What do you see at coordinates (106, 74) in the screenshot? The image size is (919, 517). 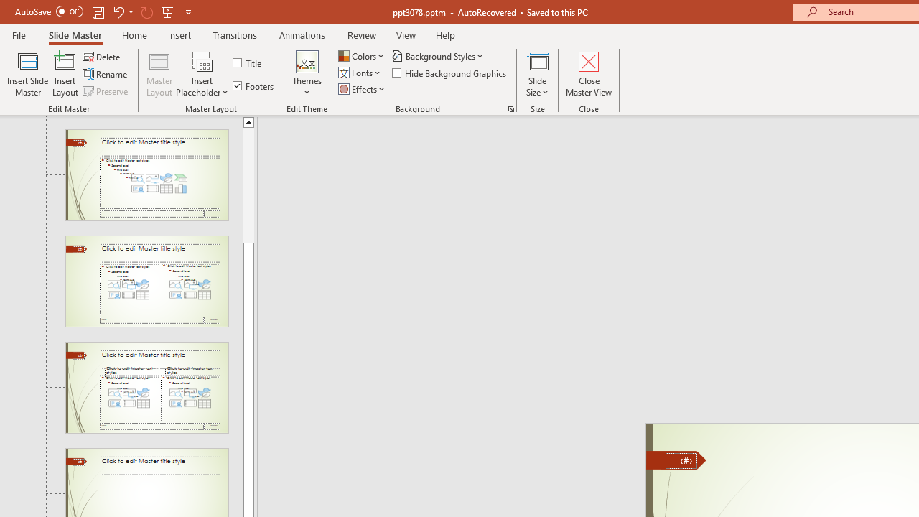 I see `'Rename'` at bounding box center [106, 74].